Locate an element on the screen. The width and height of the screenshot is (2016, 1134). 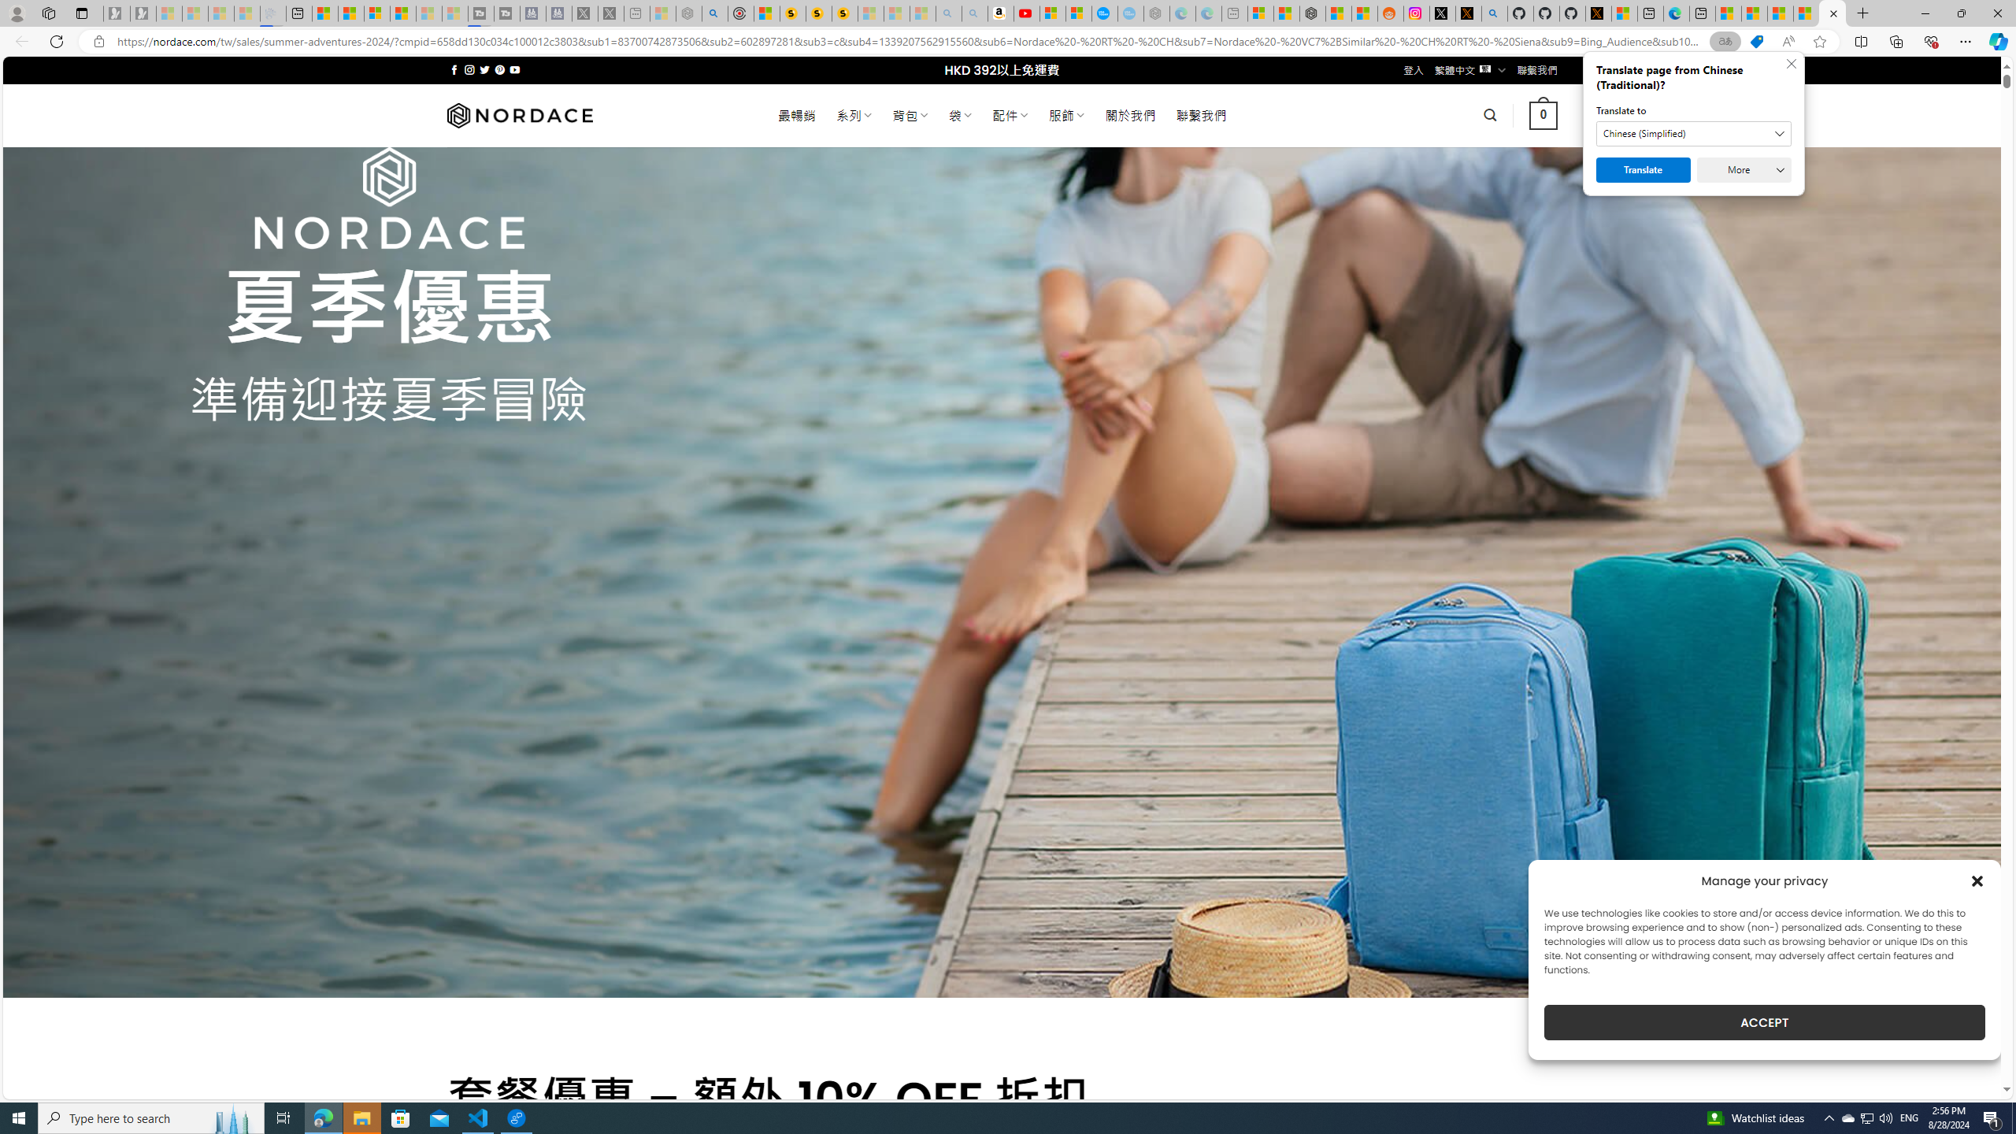
'Follow on Pinterest' is located at coordinates (498, 69).